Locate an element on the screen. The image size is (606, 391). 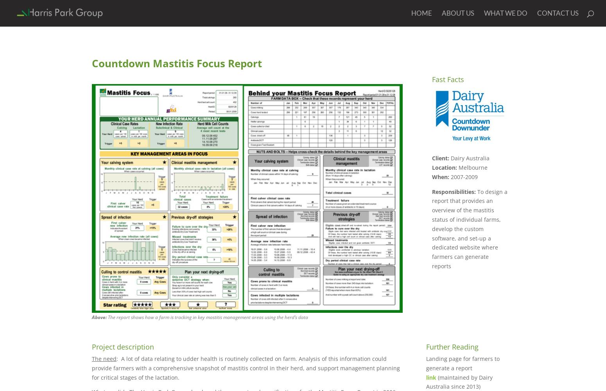
'Fast Facts' is located at coordinates (447, 79).